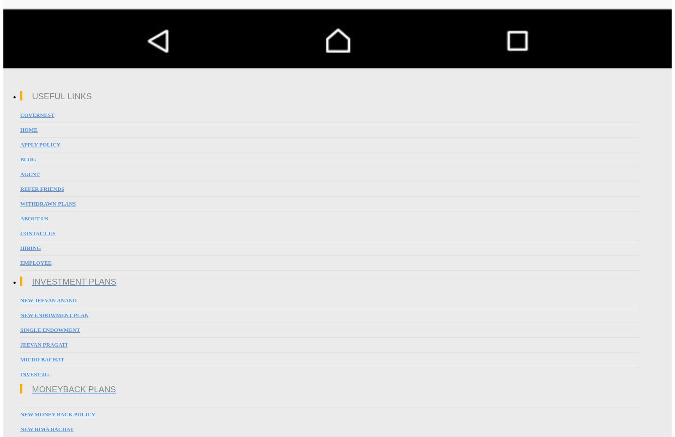 The image size is (675, 437). I want to click on 'Invest 4G', so click(34, 374).